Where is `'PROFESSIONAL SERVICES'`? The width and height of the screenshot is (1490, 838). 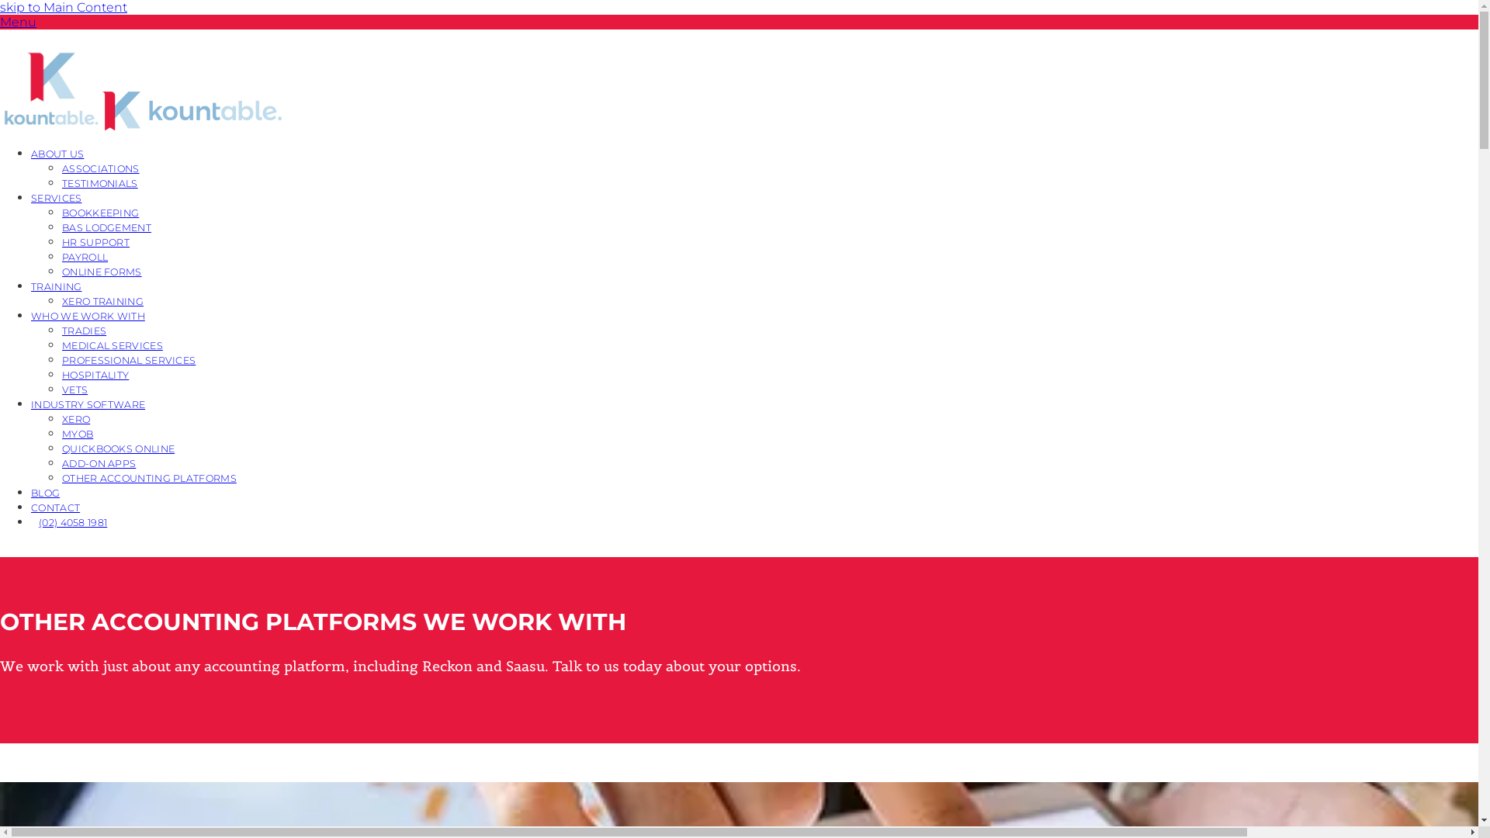
'PROFESSIONAL SERVICES' is located at coordinates (129, 359).